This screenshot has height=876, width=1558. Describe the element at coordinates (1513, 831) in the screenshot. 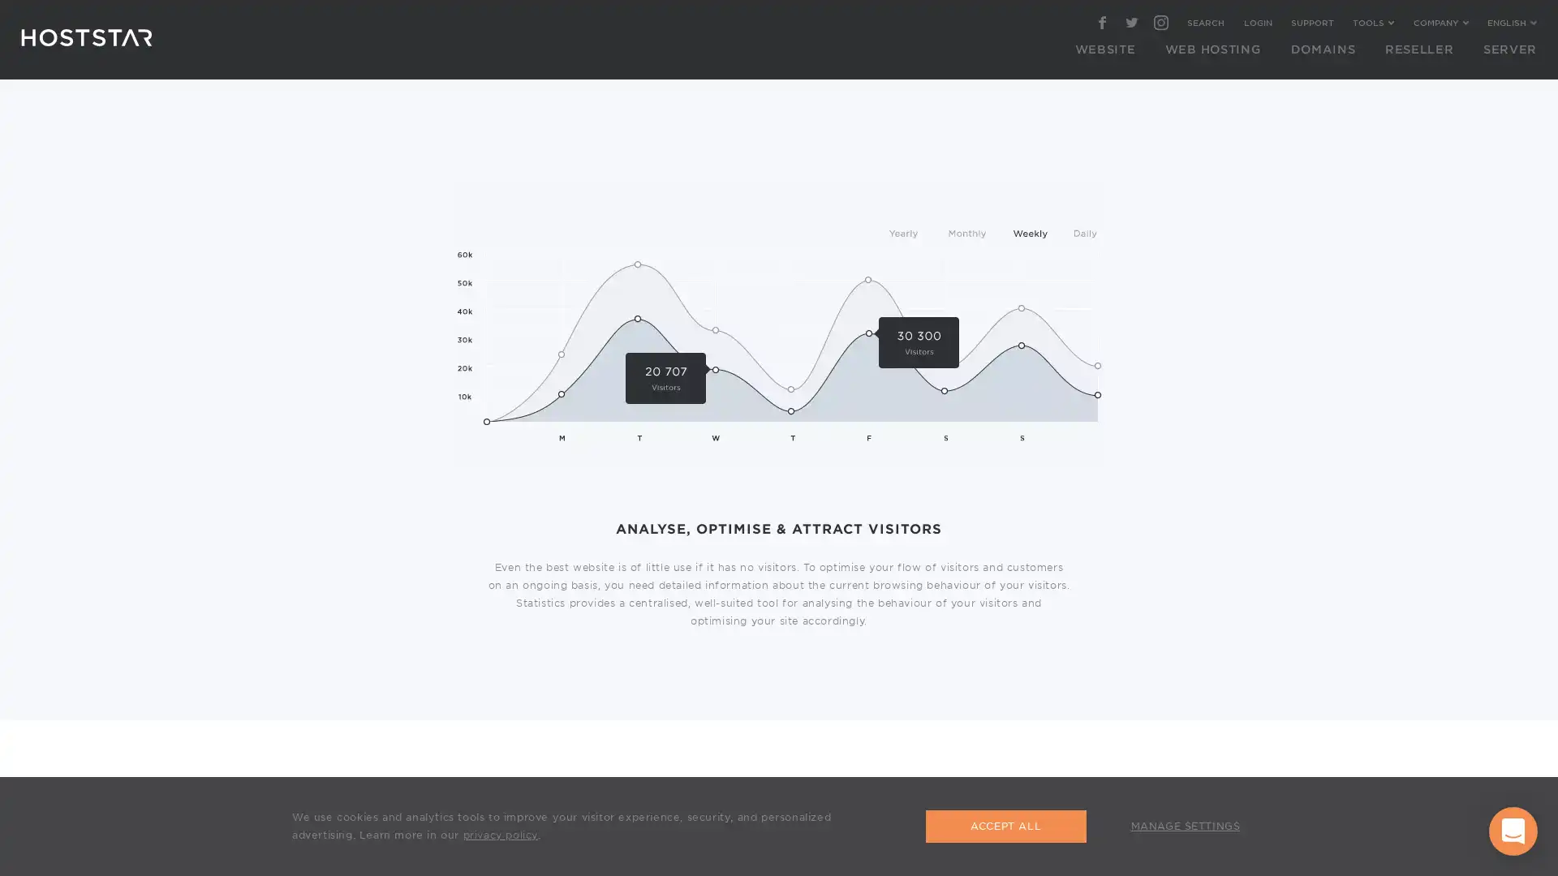

I see `Open Intercom Messenger` at that location.